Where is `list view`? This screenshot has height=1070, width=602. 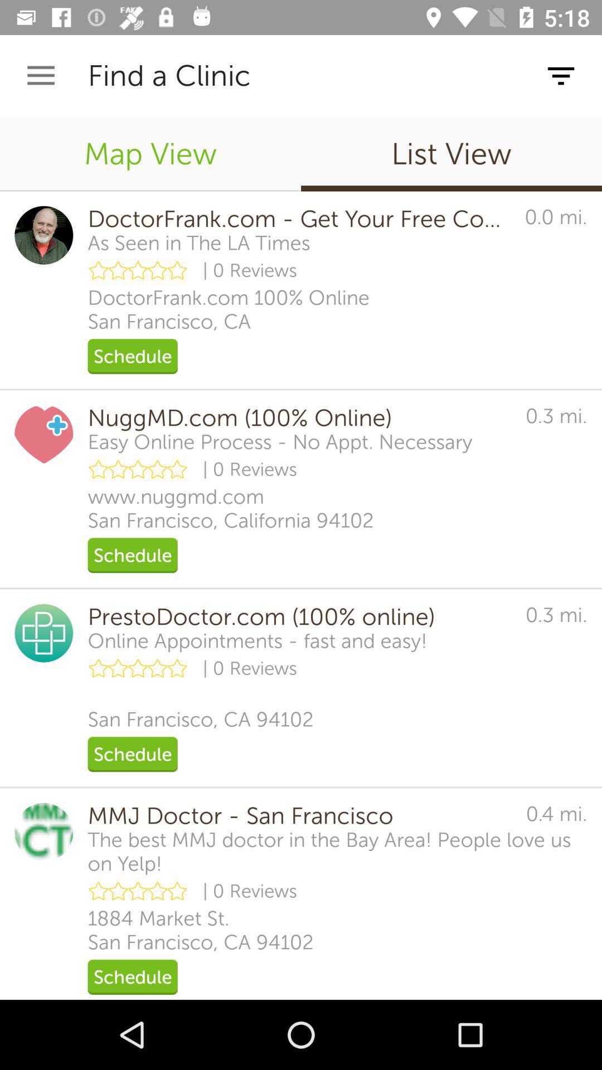 list view is located at coordinates (452, 153).